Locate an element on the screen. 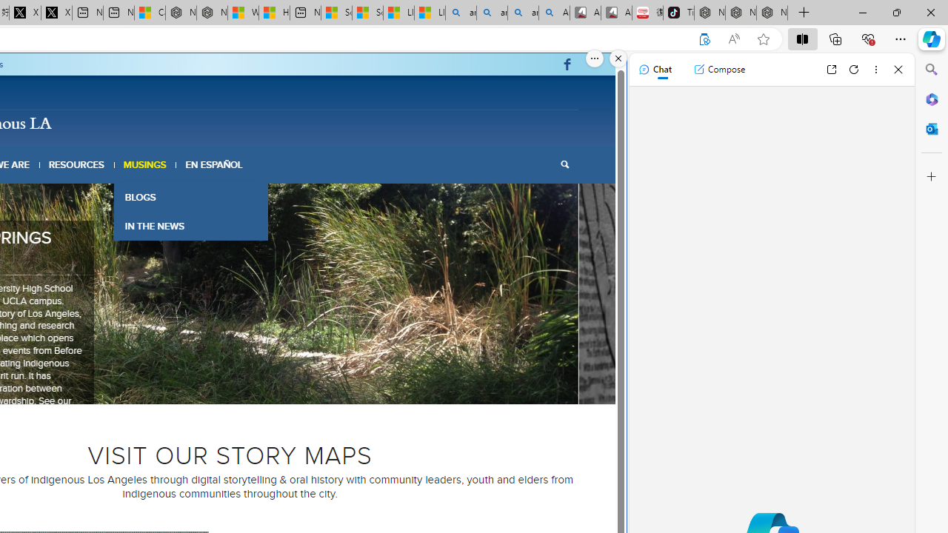 Image resolution: width=948 pixels, height=533 pixels. 'Link to Facebook' is located at coordinates (567, 64).